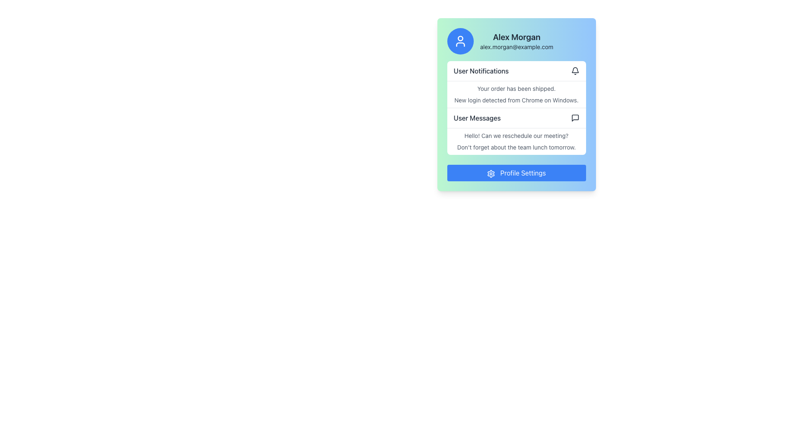  I want to click on information displayed in the Text Display (Composite) which shows 'Alex Morgan' and 'alex.morgan@example.com', so click(516, 41).